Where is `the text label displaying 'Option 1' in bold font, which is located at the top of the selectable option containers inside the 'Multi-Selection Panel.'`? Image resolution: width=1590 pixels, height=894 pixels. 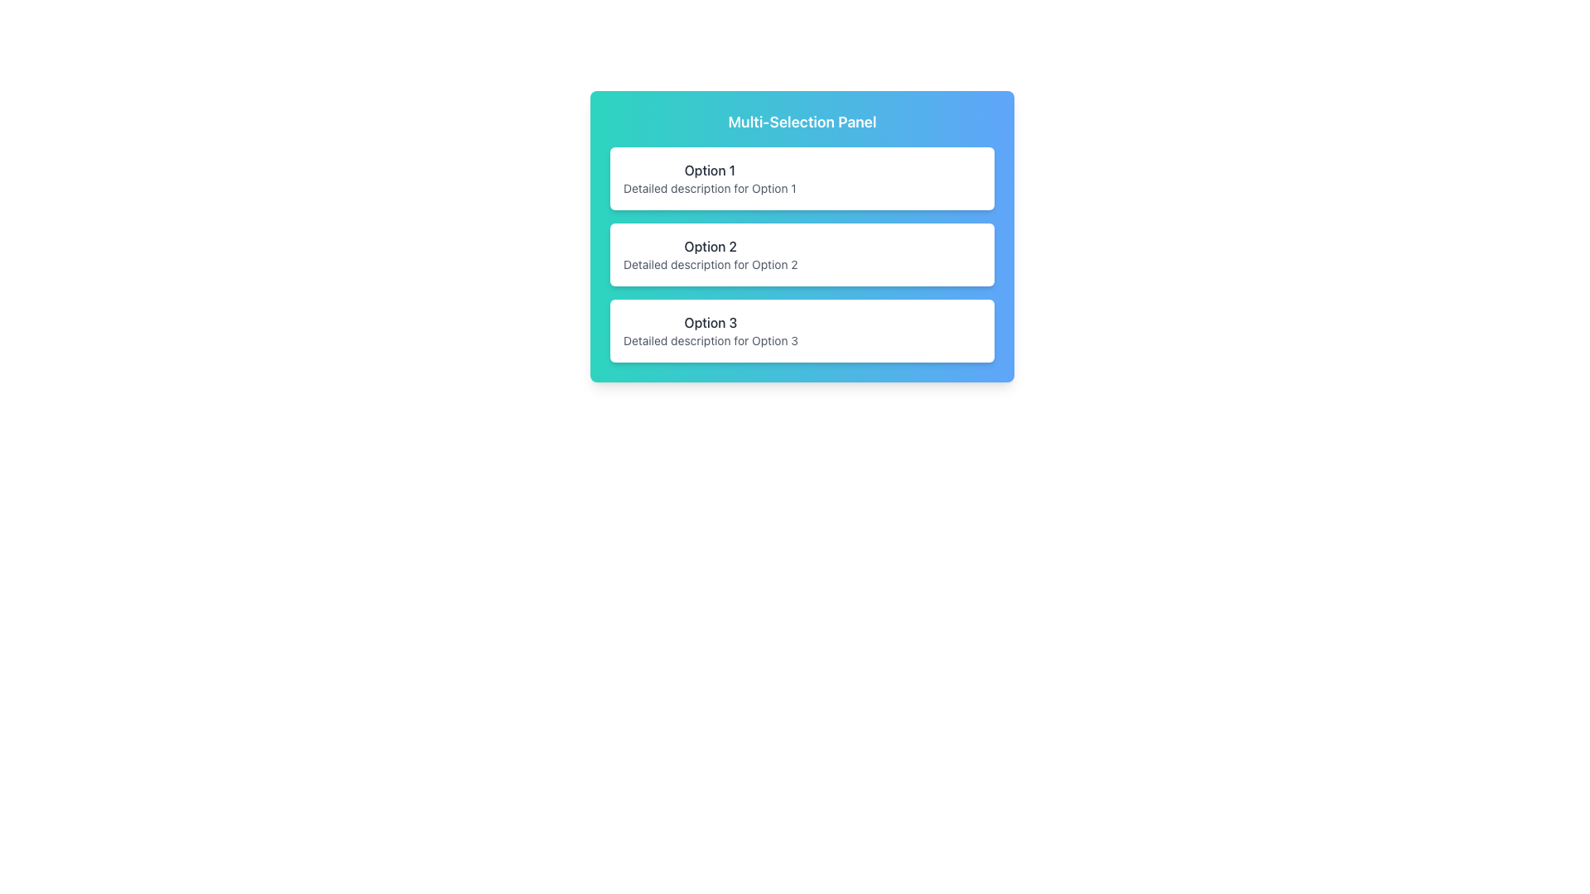
the text label displaying 'Option 1' in bold font, which is located at the top of the selectable option containers inside the 'Multi-Selection Panel.' is located at coordinates (710, 170).